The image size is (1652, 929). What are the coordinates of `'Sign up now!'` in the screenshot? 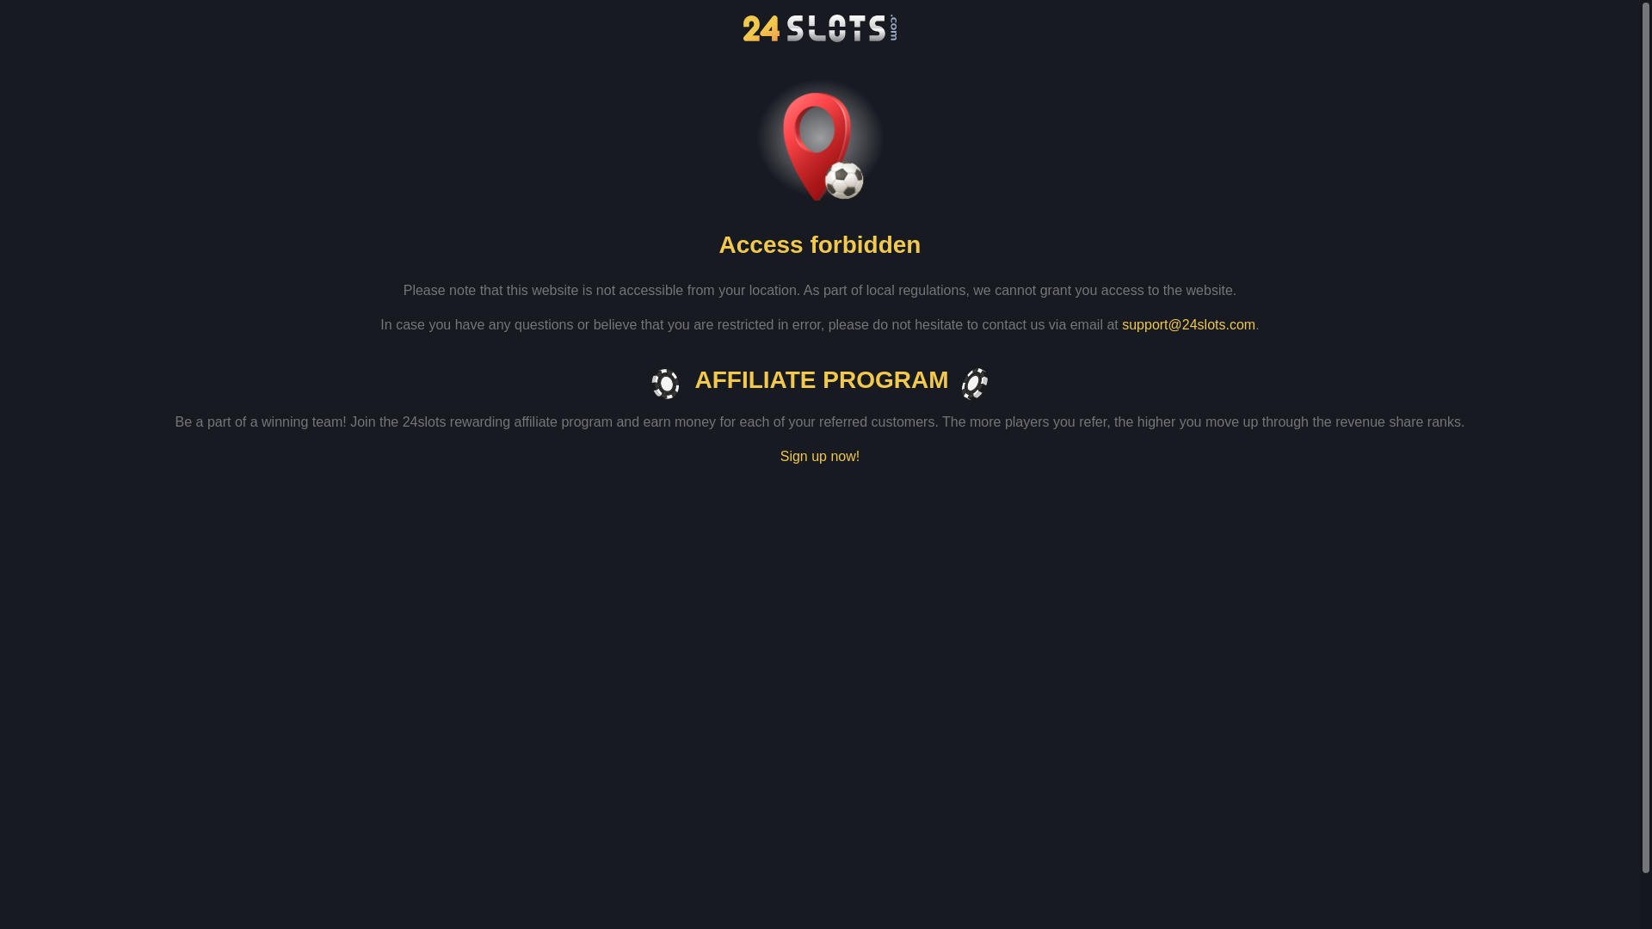 It's located at (819, 456).